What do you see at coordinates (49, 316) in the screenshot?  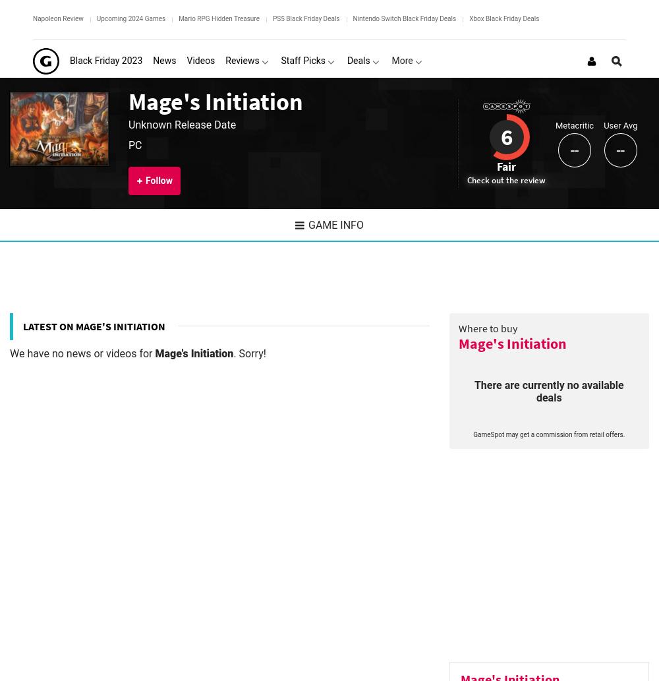 I see `'News & Features'` at bounding box center [49, 316].